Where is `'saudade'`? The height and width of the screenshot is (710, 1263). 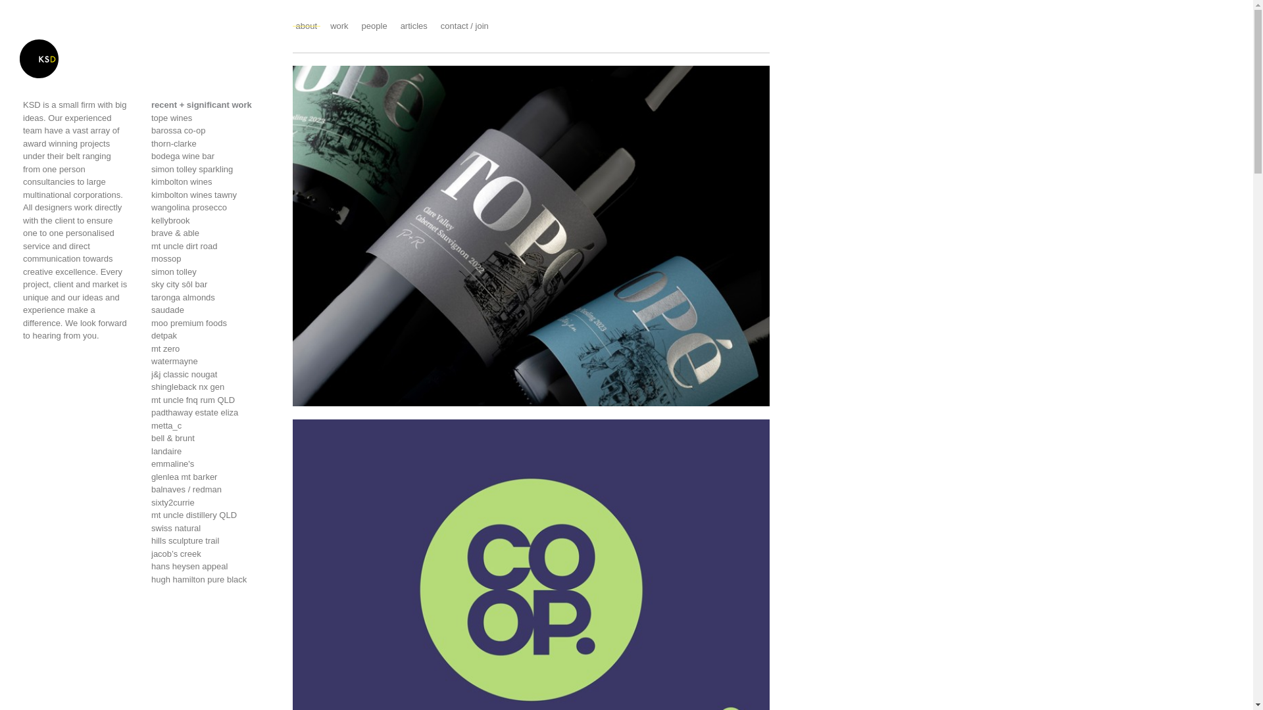
'saudade' is located at coordinates (210, 310).